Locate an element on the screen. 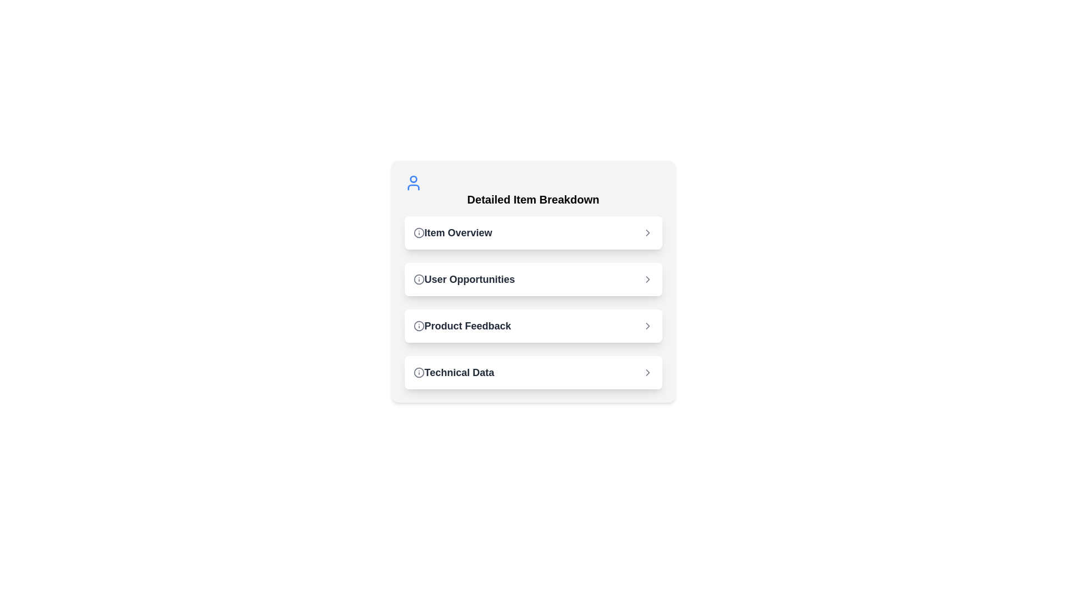  the right-facing chevron arrow icon in the 'User Opportunities' row, which is styled with a gray hue and located at the end of the row is located at coordinates (647, 279).